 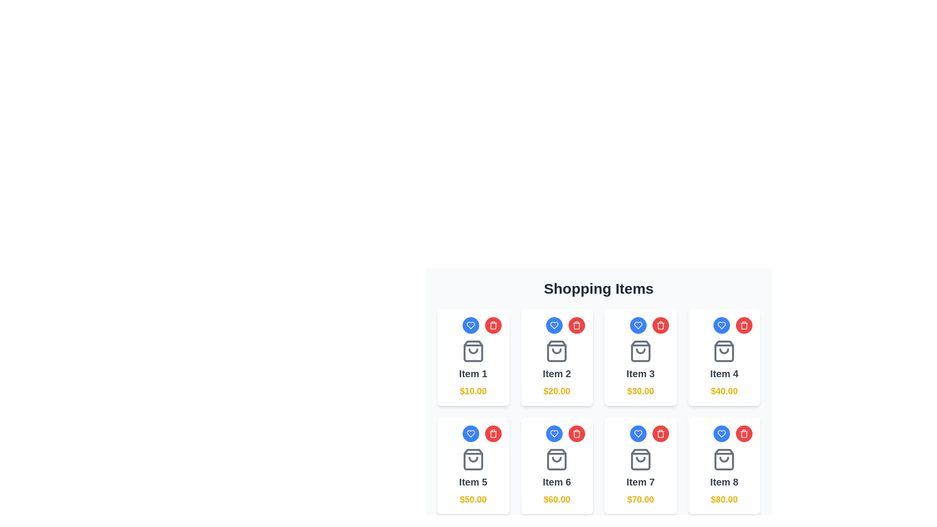 What do you see at coordinates (473, 481) in the screenshot?
I see `the Text Label that identifies the specific item in the shopping grid, located in the second row and first column of the grid layout` at bounding box center [473, 481].